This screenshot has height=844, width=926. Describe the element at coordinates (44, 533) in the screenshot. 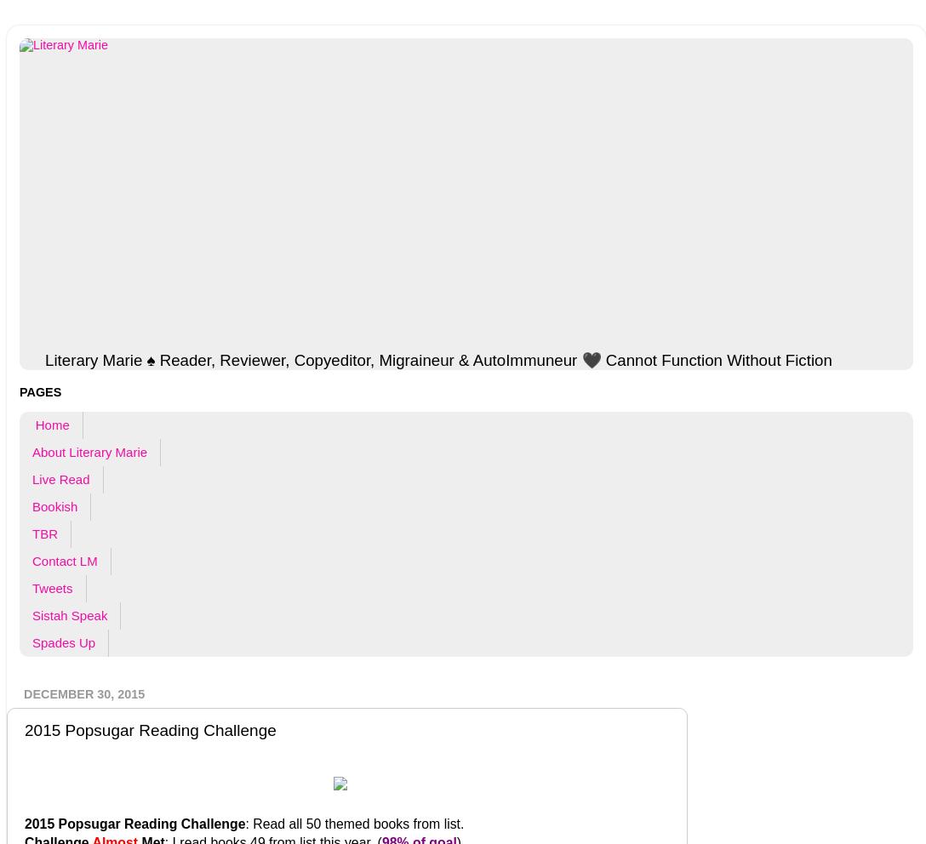

I see `'TBR'` at that location.